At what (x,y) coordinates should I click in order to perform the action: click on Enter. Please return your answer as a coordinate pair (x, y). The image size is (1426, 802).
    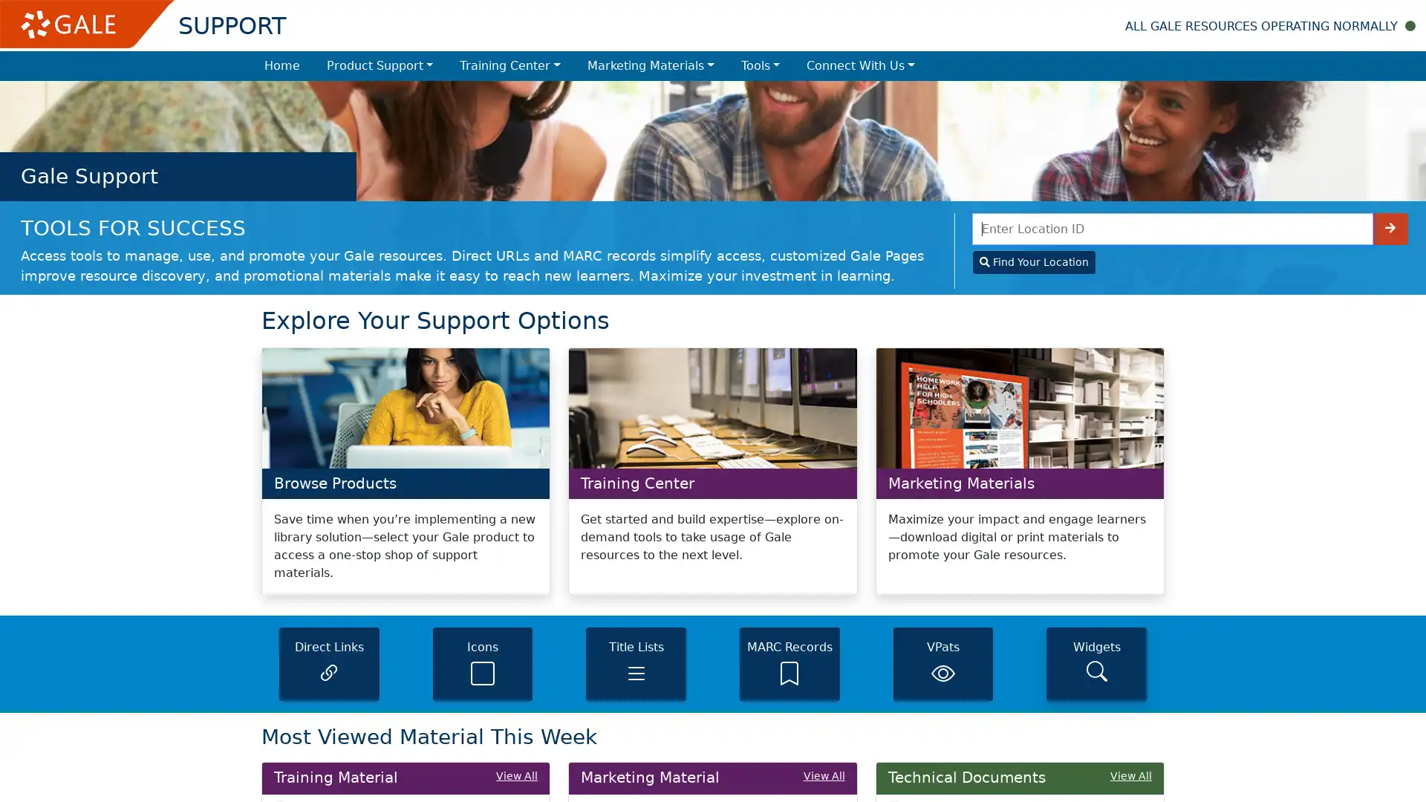
    Looking at the image, I should click on (1390, 228).